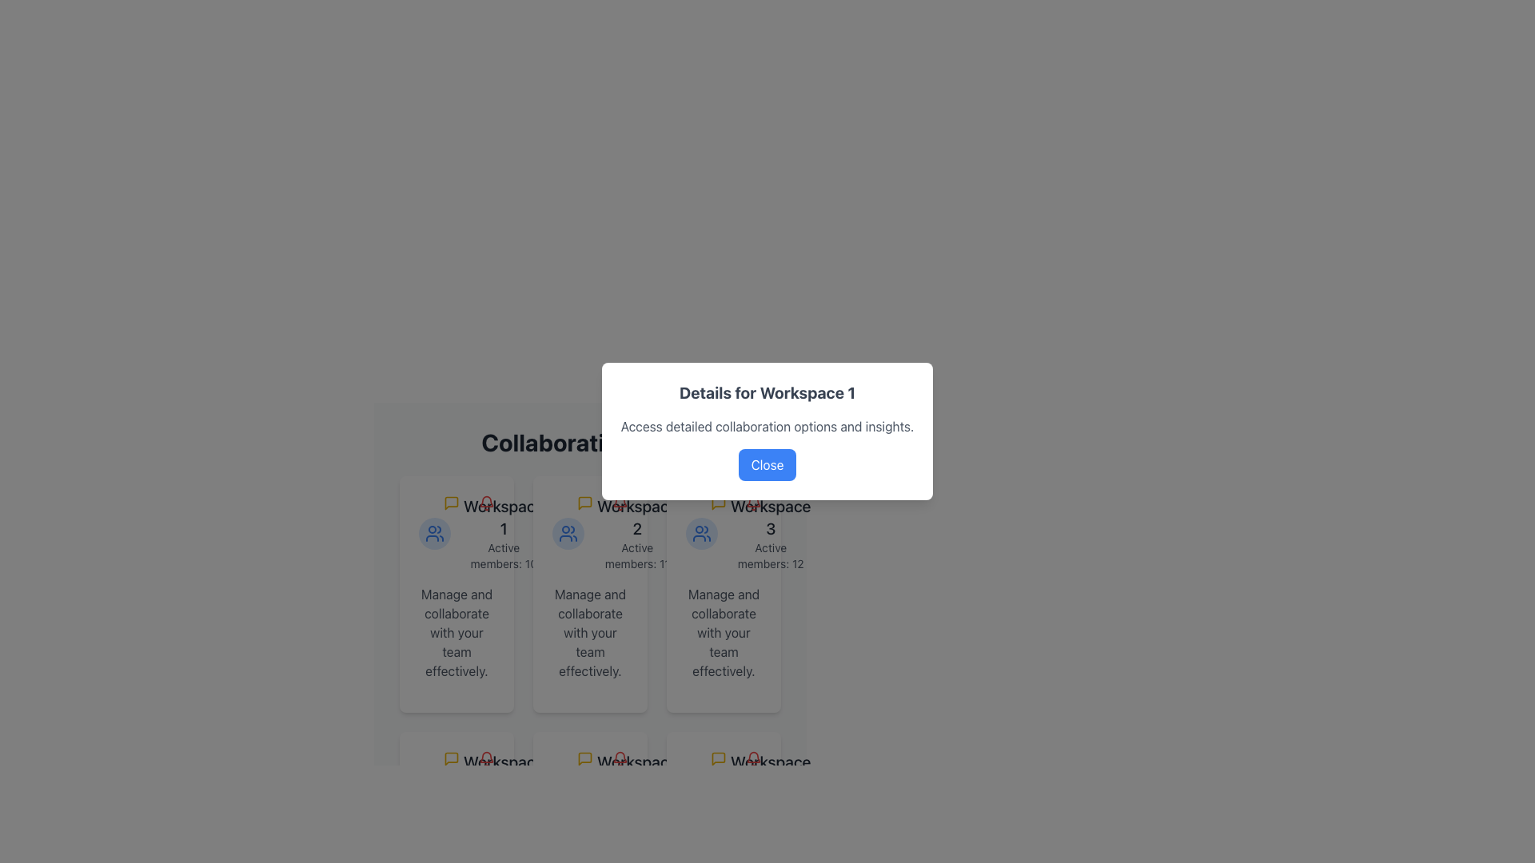  I want to click on on the text label 'Workspace 3' which is styled in a larger font size and medium weight, located at the top of its card structure in the bottom row of the grid layout, so click(771, 518).